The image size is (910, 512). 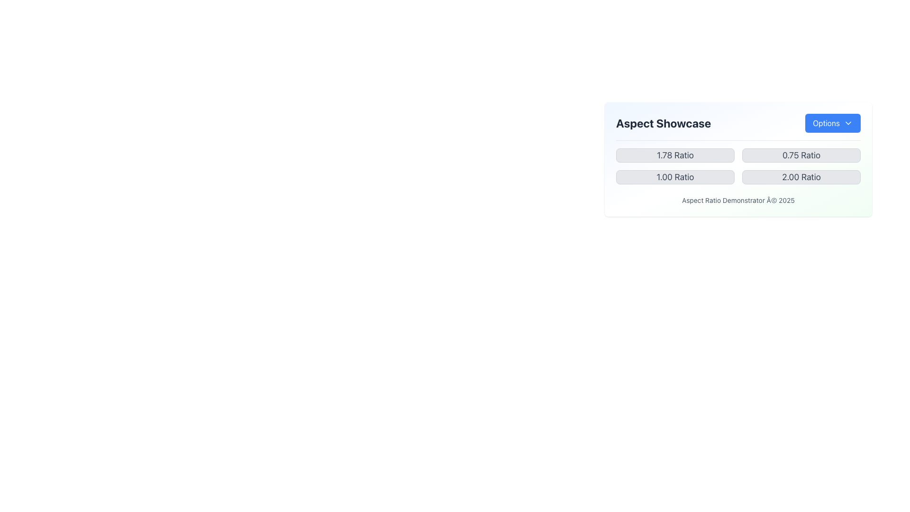 What do you see at coordinates (675, 155) in the screenshot?
I see `the text label that describes the '1.78 Ratio' button, which is the leftmost label in the top row of aspect ratio options, positioned below the 'Aspect Showcase' heading` at bounding box center [675, 155].